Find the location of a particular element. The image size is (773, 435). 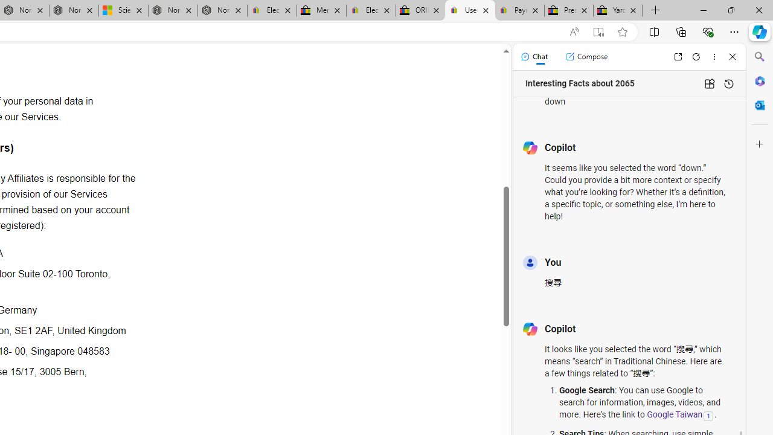

'Add this page to favorites (Ctrl+D)' is located at coordinates (623, 31).